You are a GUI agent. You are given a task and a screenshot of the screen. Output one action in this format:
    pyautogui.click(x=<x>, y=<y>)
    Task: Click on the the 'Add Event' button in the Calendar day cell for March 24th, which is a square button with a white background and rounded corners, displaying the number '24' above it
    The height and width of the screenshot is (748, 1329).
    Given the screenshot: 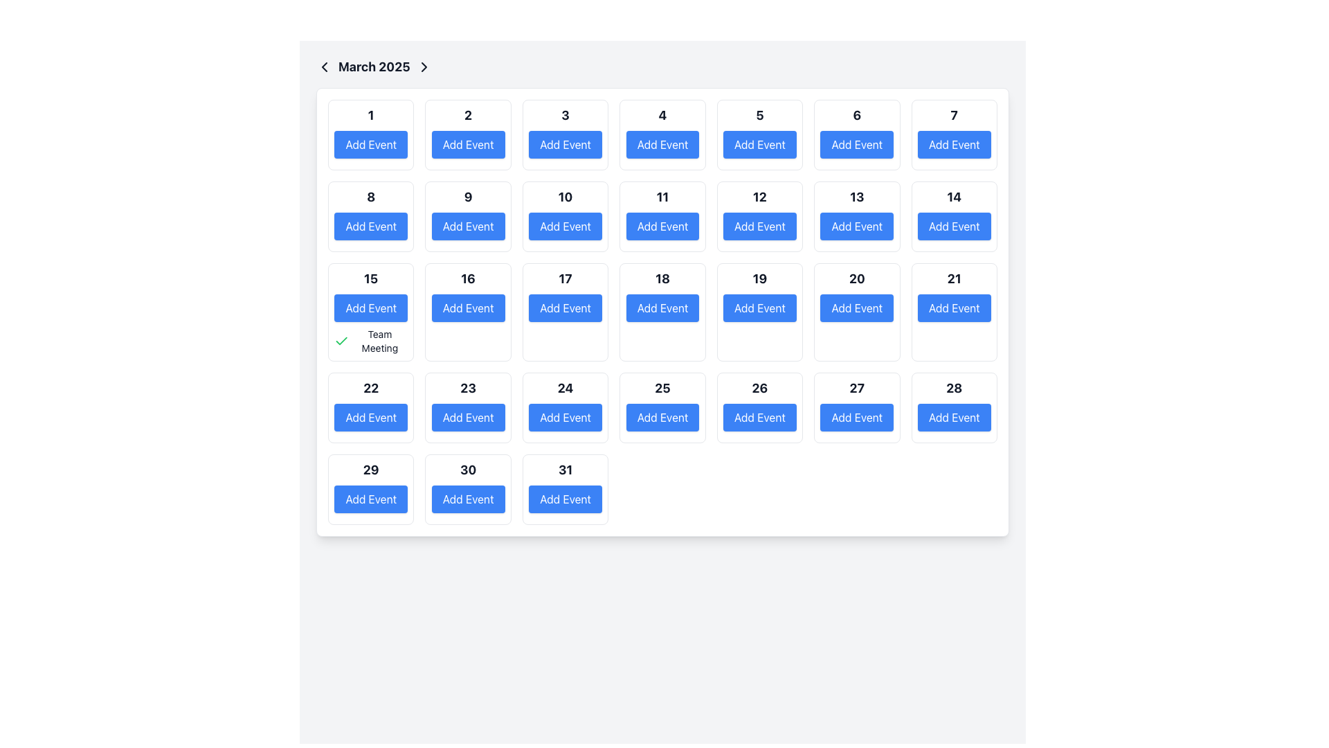 What is the action you would take?
    pyautogui.click(x=566, y=407)
    